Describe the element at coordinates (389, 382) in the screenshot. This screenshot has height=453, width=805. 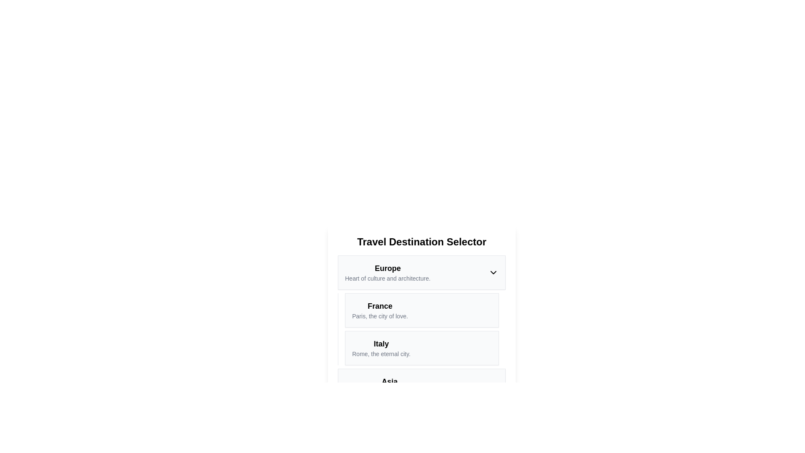
I see `the text label 'Asia', which is displayed in a bold and larger font as part of the 'Travel Destination Selector' interface, positioned below Europe, France, and Italy` at that location.